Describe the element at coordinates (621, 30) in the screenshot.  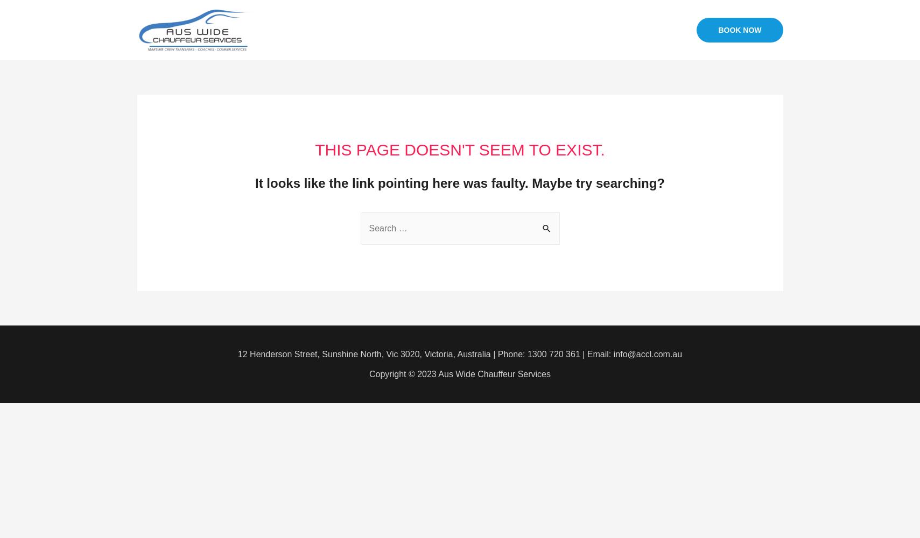
I see `'CONTACT US'` at that location.